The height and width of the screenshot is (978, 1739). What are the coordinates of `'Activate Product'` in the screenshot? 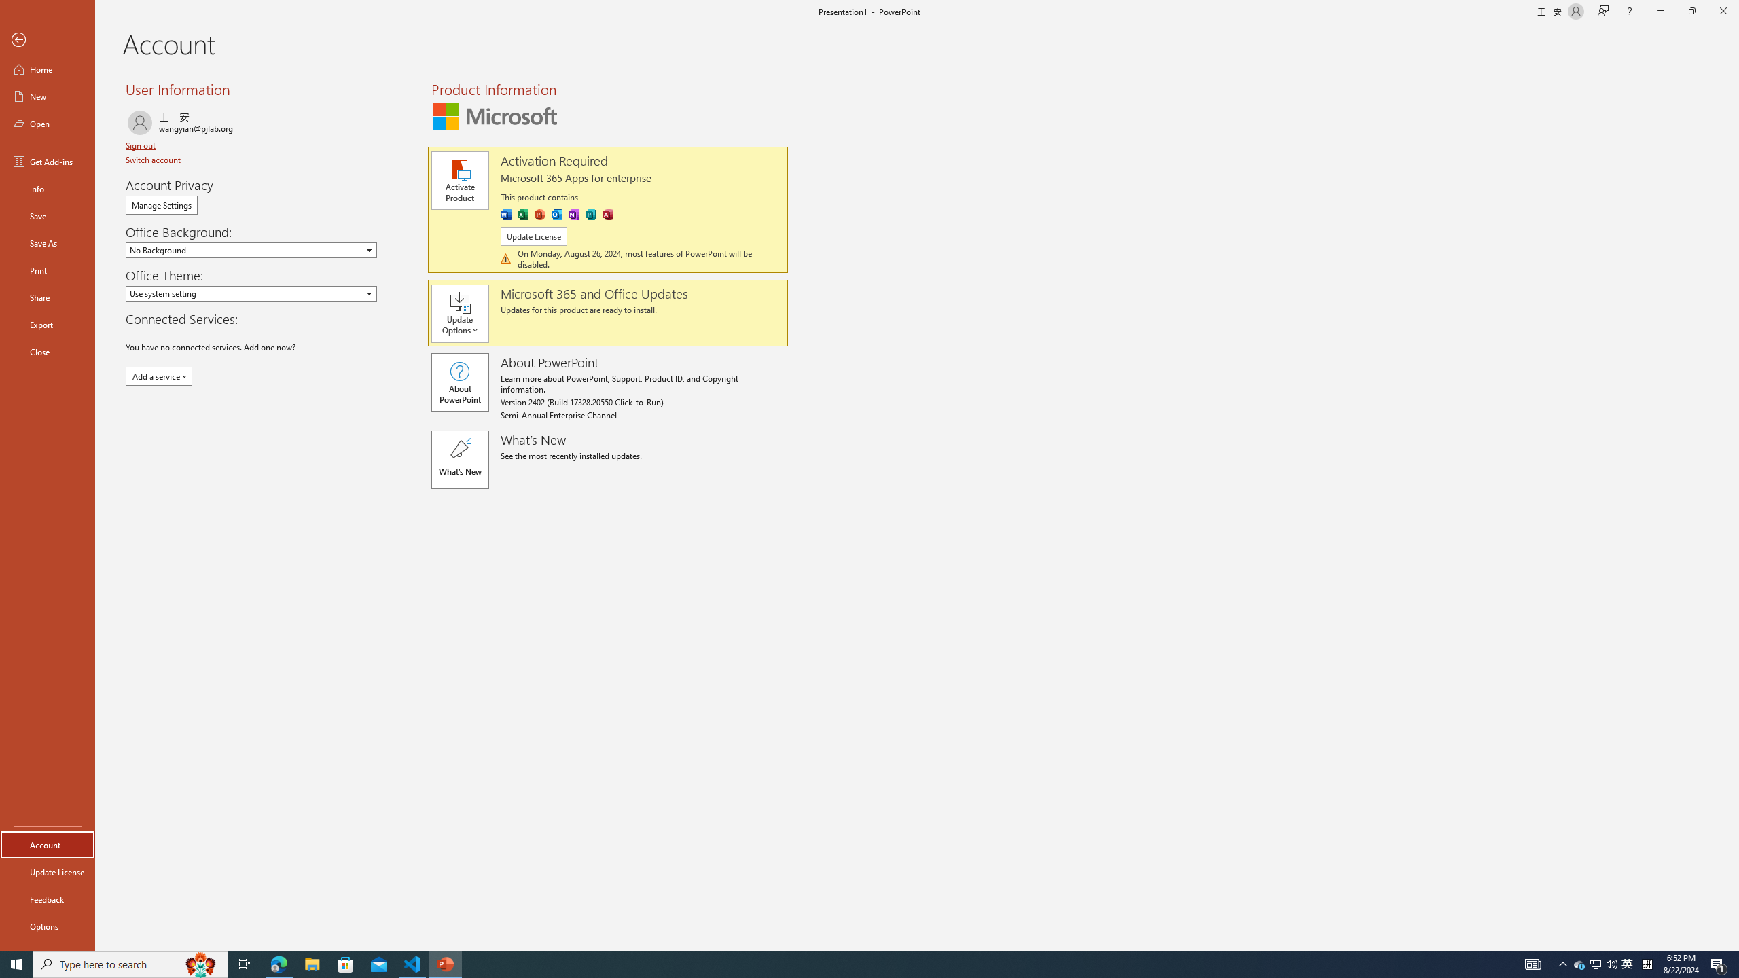 It's located at (459, 180).